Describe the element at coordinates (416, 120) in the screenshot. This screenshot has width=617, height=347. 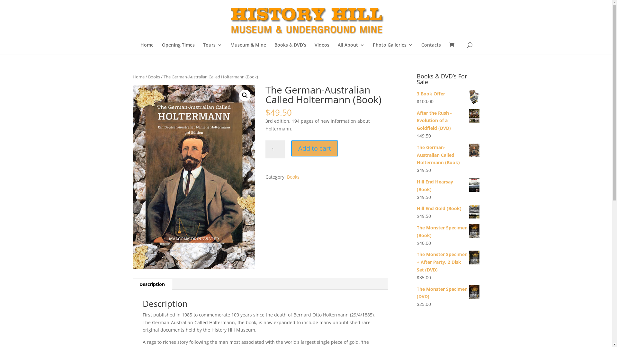
I see `'After the Rush - Evolution of a Goldfield (DVD)'` at that location.